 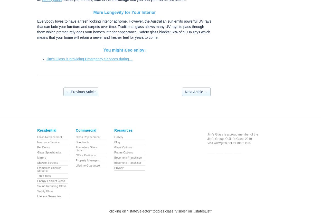 I want to click on 'Mirrors', so click(x=37, y=157).